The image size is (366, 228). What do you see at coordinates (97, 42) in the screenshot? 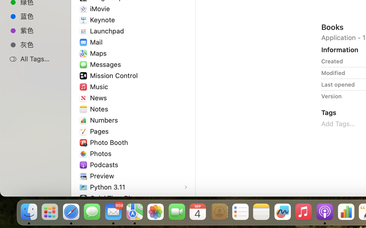
I see `'Mail'` at bounding box center [97, 42].